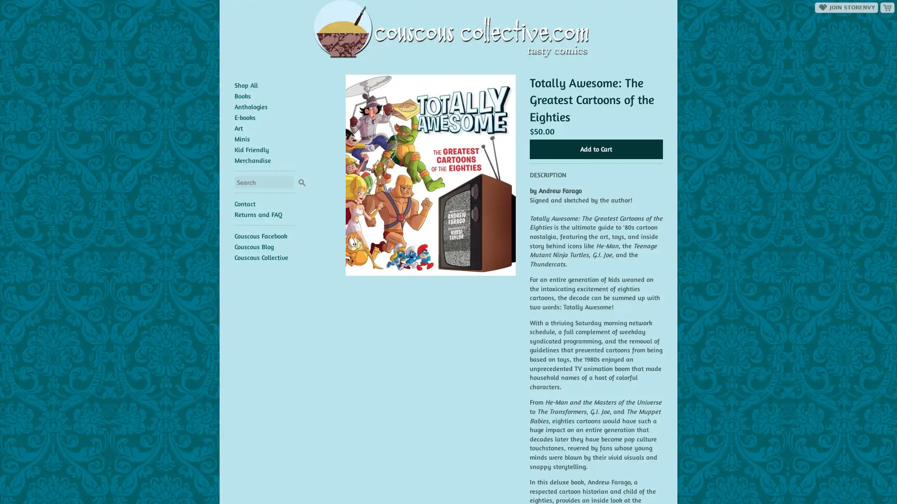 The image size is (897, 504). I want to click on Search, so click(301, 181).